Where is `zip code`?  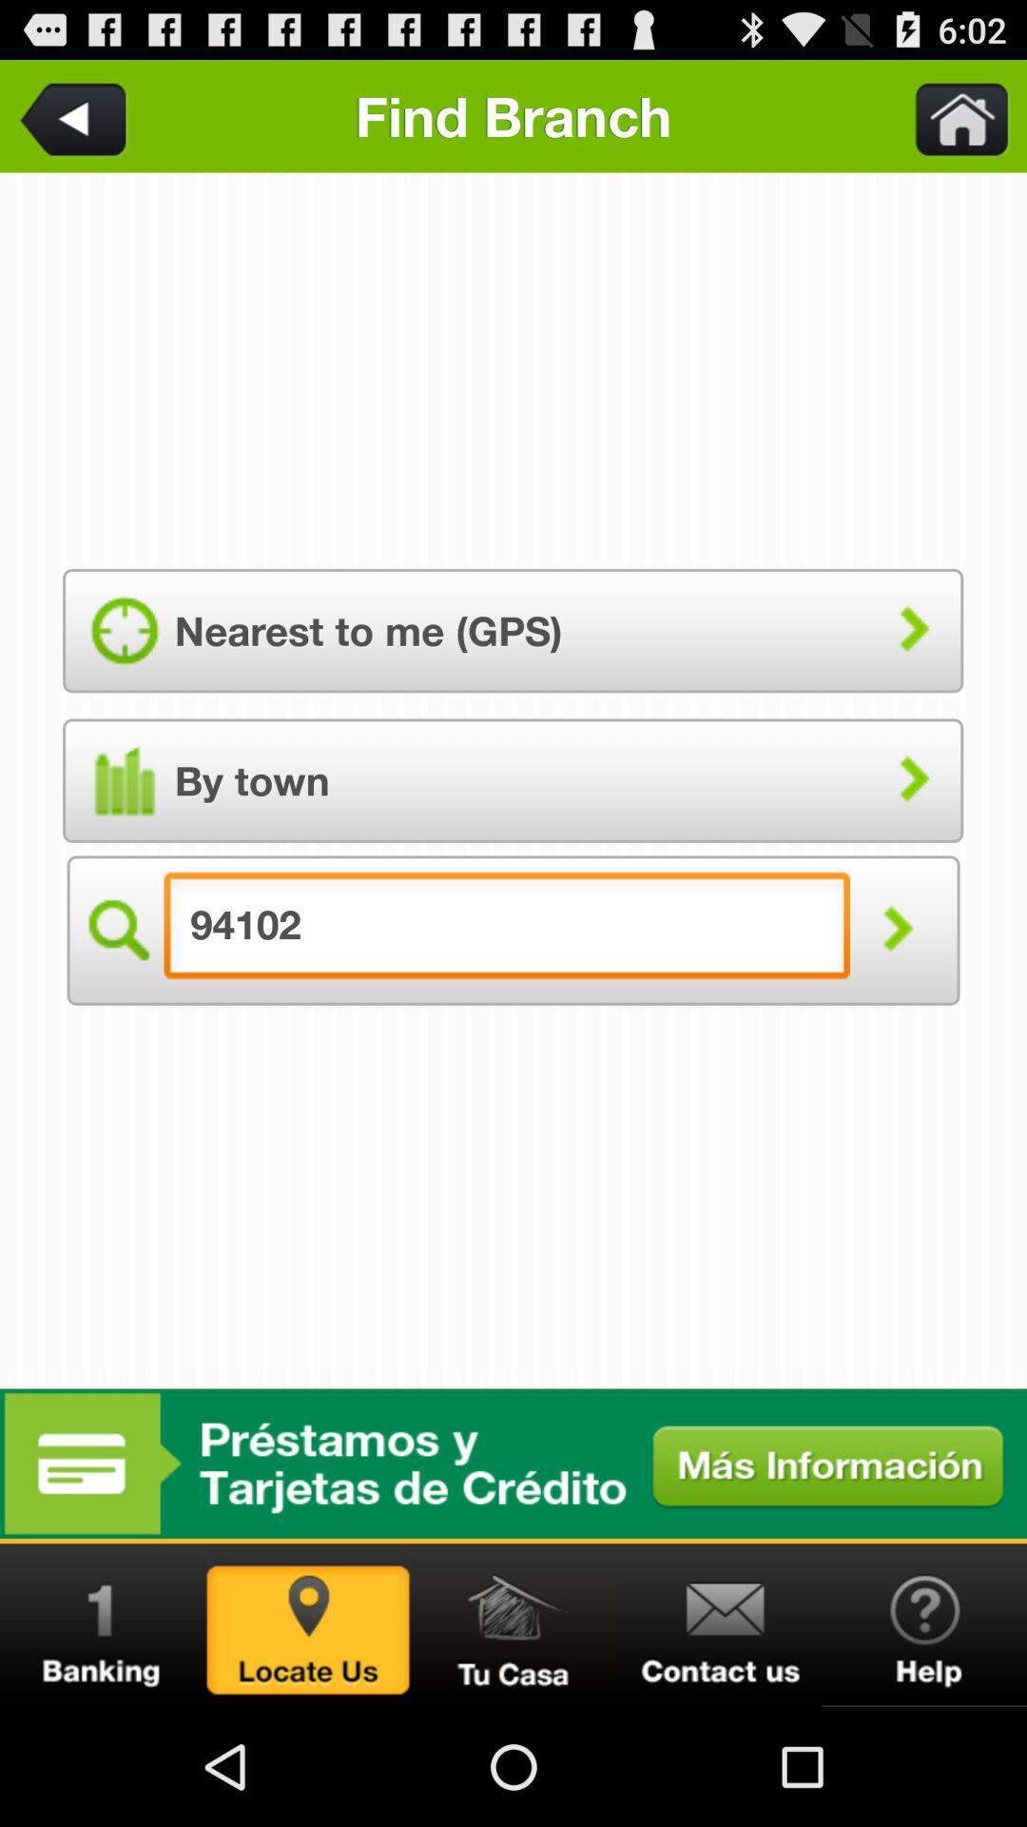 zip code is located at coordinates (116, 930).